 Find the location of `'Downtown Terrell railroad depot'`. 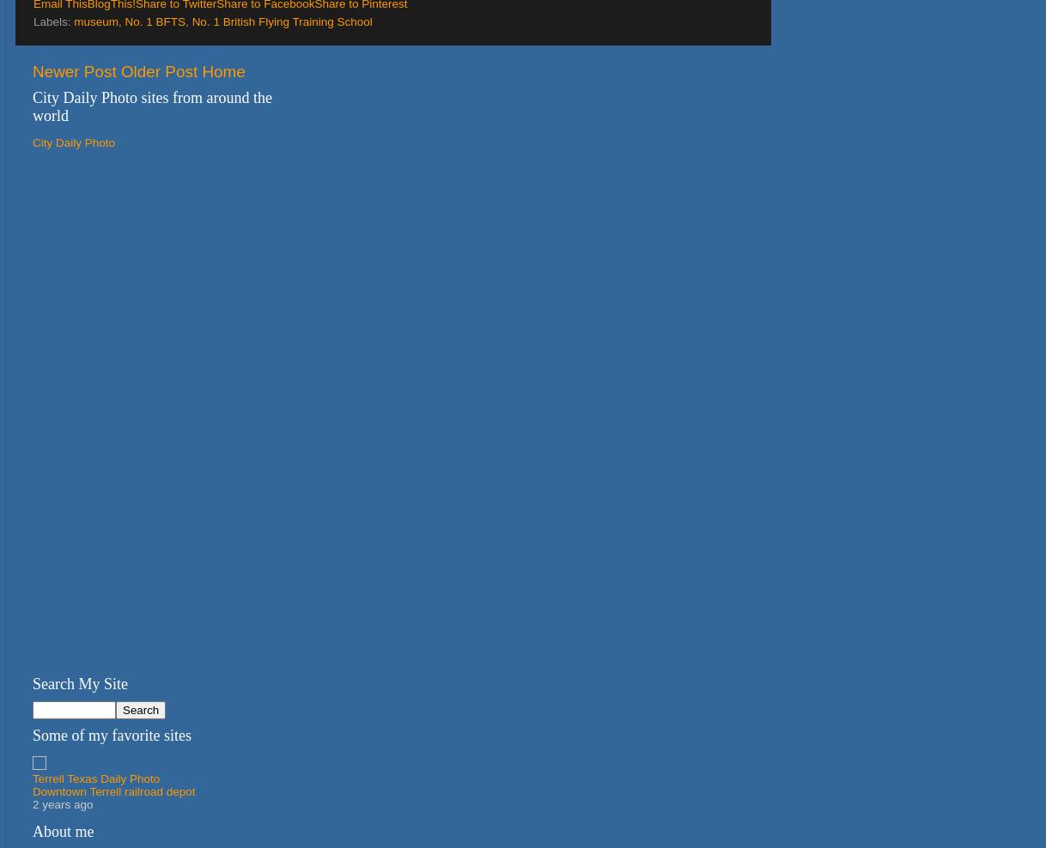

'Downtown Terrell railroad depot' is located at coordinates (33, 790).